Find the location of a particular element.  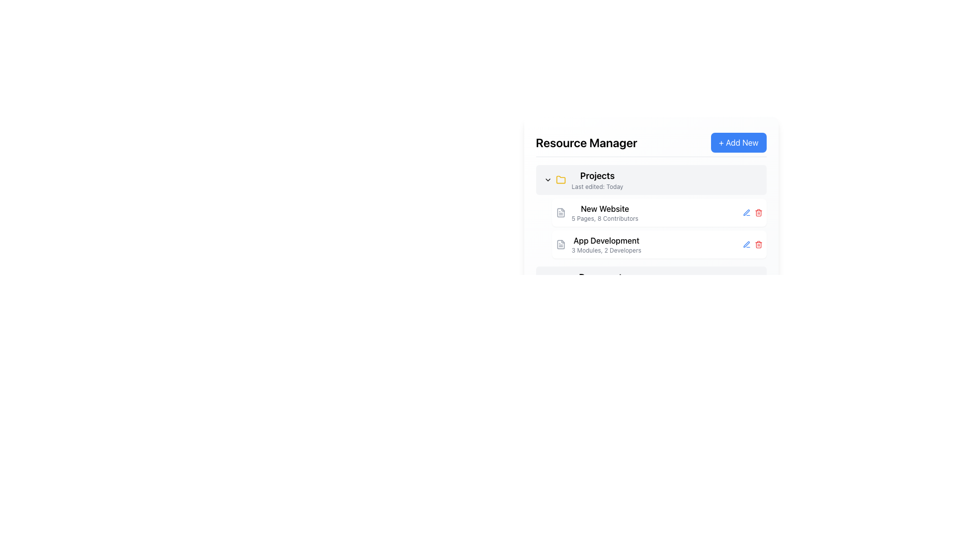

the project title text label in the 'Projects' section of the Resource Manager interface, located above '5 Pages, 8 Contributors' is located at coordinates (604, 208).